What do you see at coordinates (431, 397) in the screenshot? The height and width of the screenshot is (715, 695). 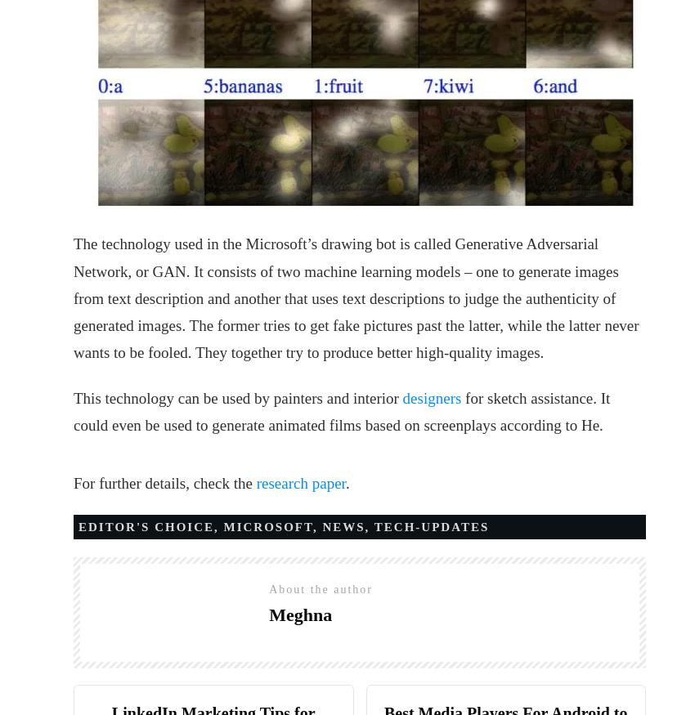 I see `'designers'` at bounding box center [431, 397].